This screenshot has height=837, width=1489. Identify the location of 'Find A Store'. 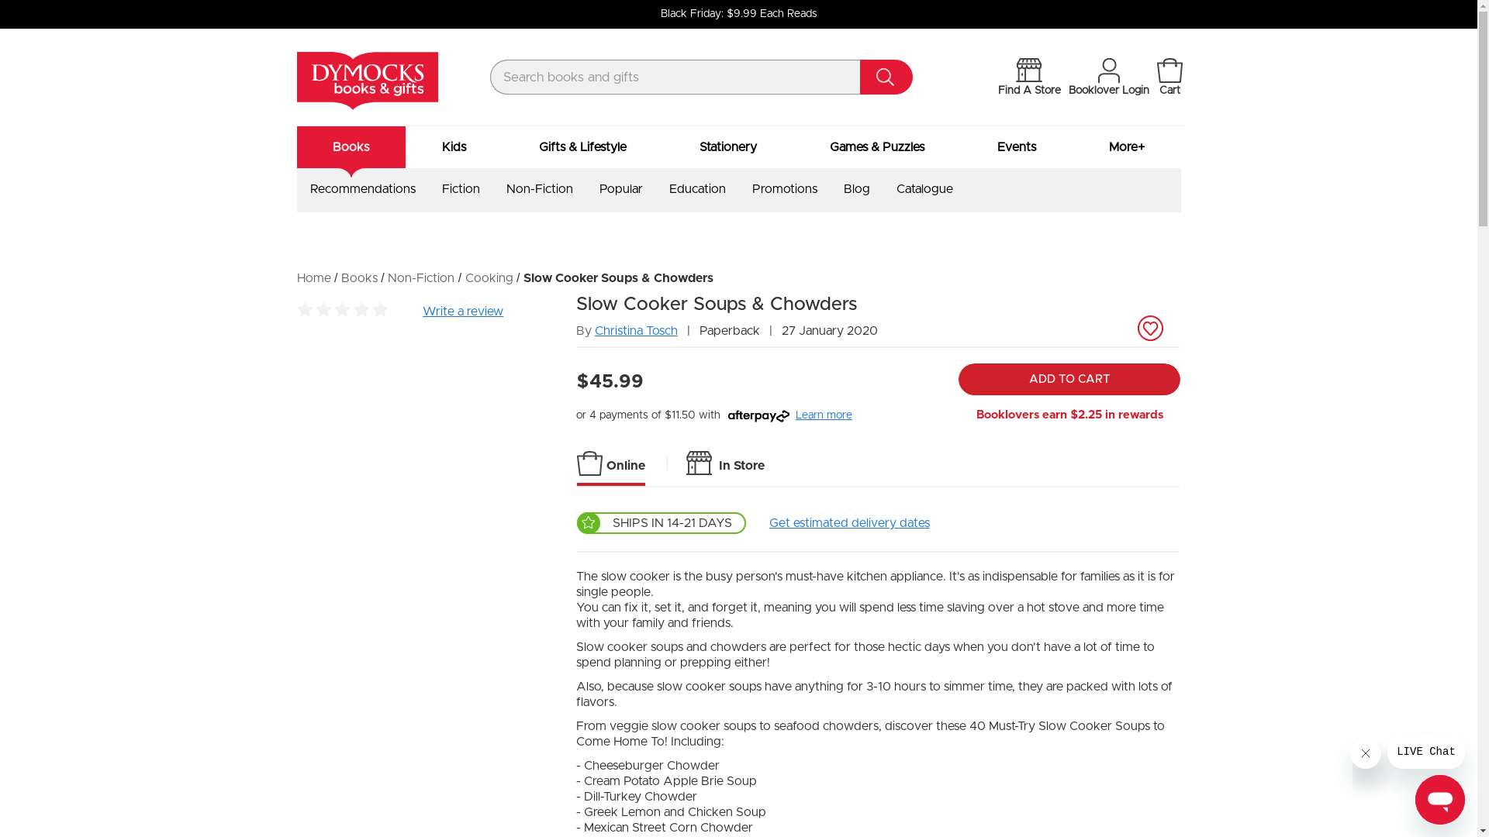
(1029, 77).